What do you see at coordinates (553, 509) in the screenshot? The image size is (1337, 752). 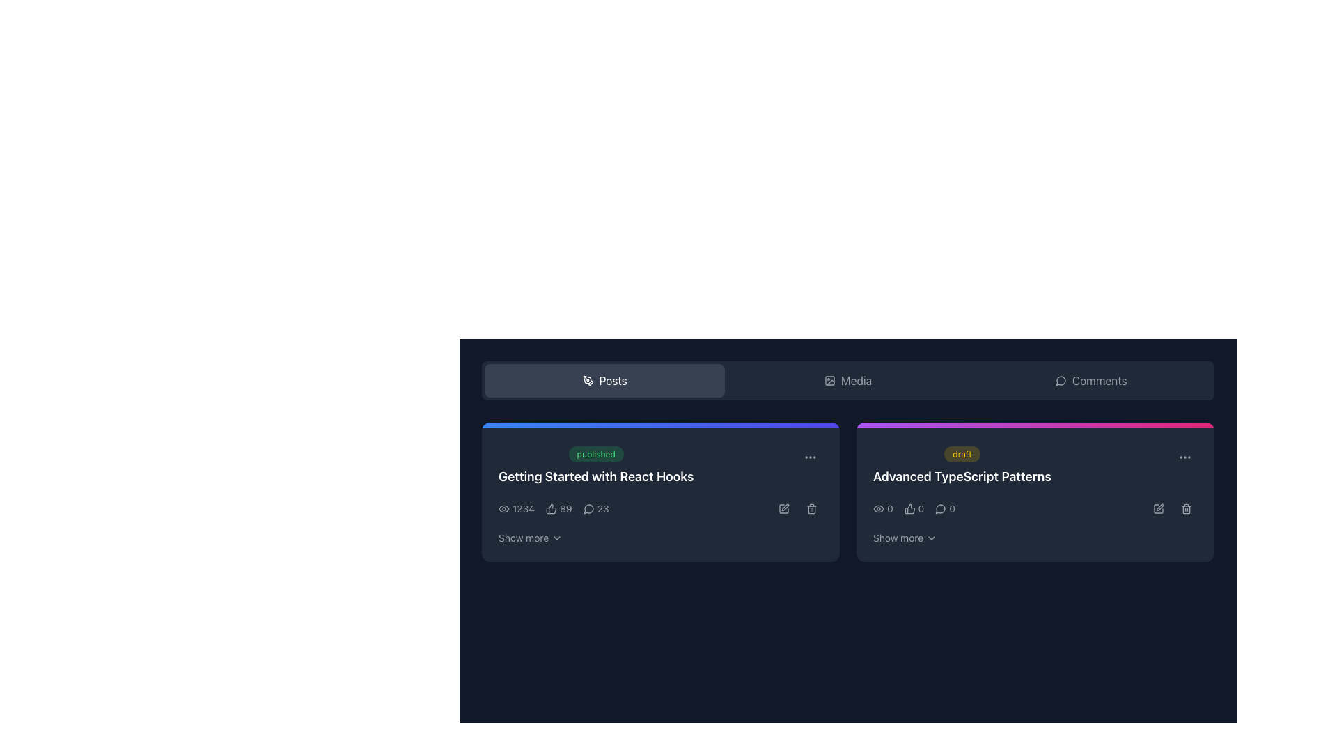 I see `the 'like' icon representing the approval metric for the content titled 'Getting Started with React Hooks' located in the lower section of the card` at bounding box center [553, 509].